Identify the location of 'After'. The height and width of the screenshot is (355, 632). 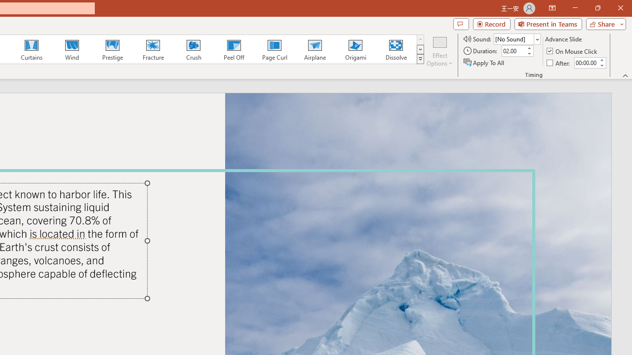
(559, 63).